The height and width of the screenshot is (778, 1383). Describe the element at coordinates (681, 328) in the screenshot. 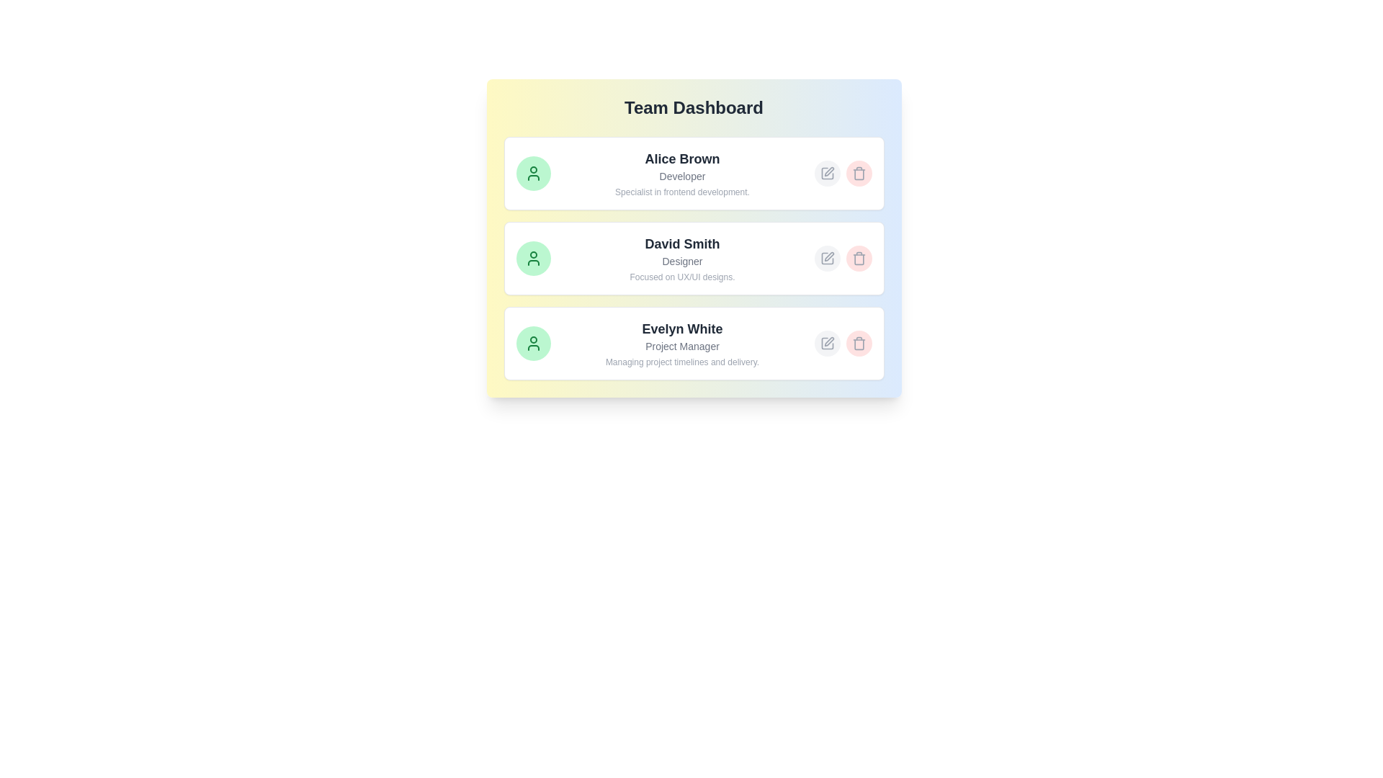

I see `text label 'Evelyn White' which is styled in bold and larger font, located in the third row of the Team Dashboard interface` at that location.